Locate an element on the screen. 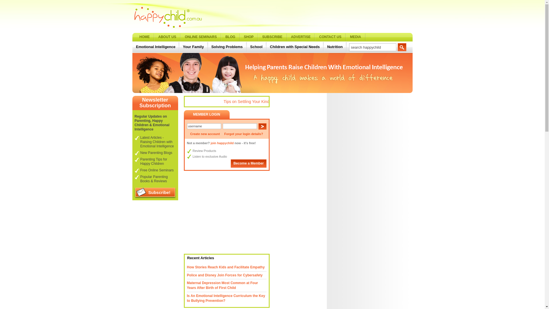 The height and width of the screenshot is (309, 549). 'CONTACT US' is located at coordinates (330, 37).